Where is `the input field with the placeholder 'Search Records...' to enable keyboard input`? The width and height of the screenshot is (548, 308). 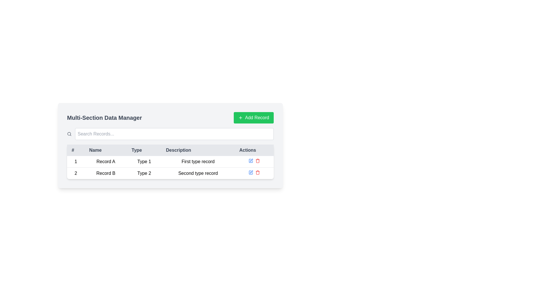 the input field with the placeholder 'Search Records...' to enable keyboard input is located at coordinates (170, 134).